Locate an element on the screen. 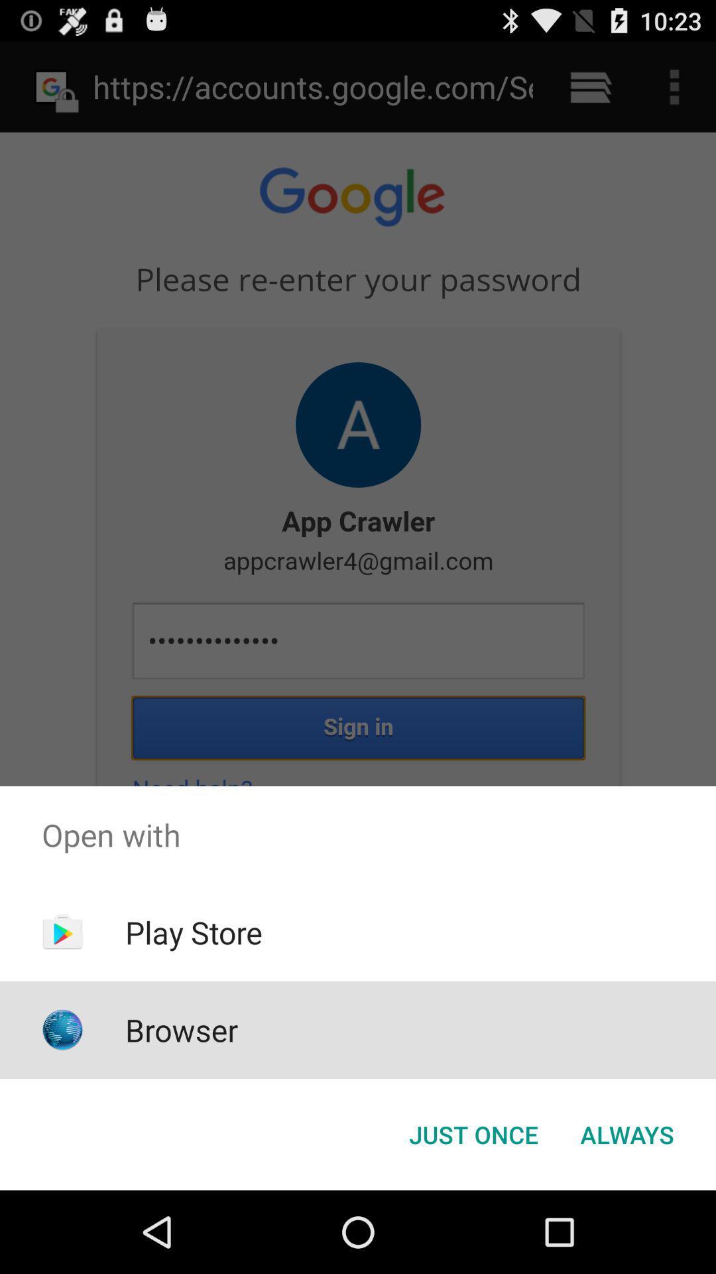 The width and height of the screenshot is (716, 1274). the item to the right of the just once button is located at coordinates (626, 1133).